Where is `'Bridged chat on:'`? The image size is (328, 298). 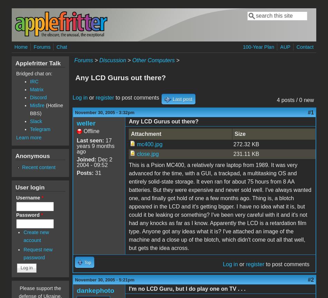
'Bridged chat on:' is located at coordinates (34, 74).